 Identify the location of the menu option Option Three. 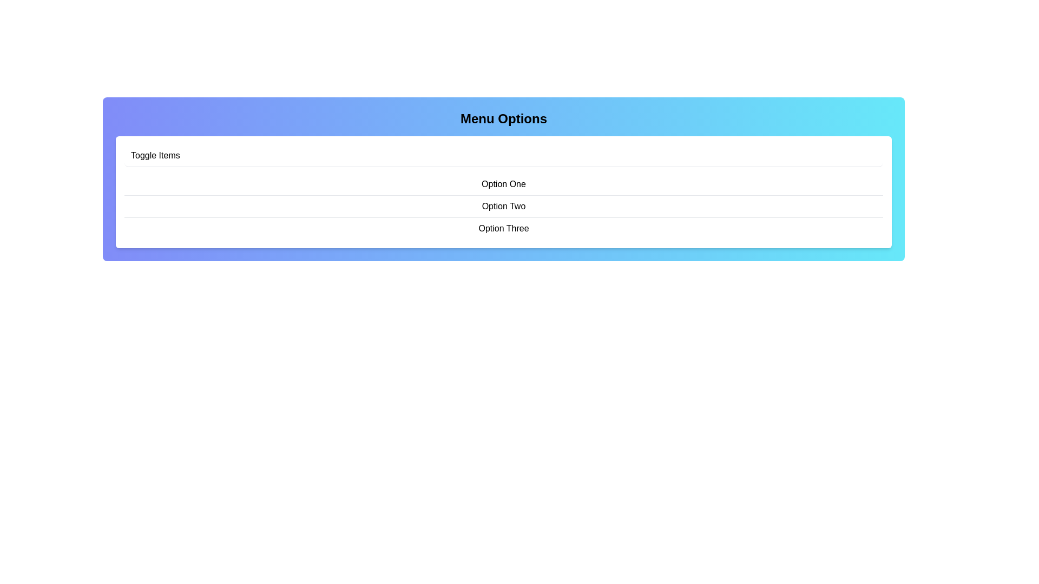
(503, 228).